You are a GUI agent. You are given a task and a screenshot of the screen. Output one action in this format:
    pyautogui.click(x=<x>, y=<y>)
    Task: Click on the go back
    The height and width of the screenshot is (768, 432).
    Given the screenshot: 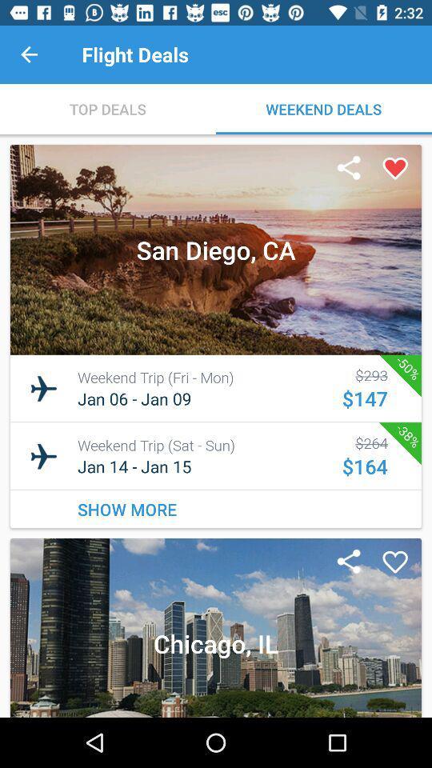 What is the action you would take?
    pyautogui.click(x=29, y=54)
    